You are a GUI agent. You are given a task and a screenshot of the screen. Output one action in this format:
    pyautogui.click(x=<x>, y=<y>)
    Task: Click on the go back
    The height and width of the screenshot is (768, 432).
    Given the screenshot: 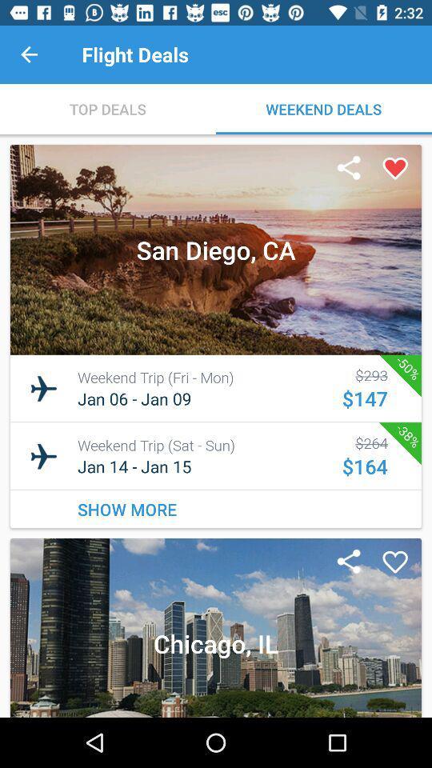 What is the action you would take?
    pyautogui.click(x=29, y=54)
    